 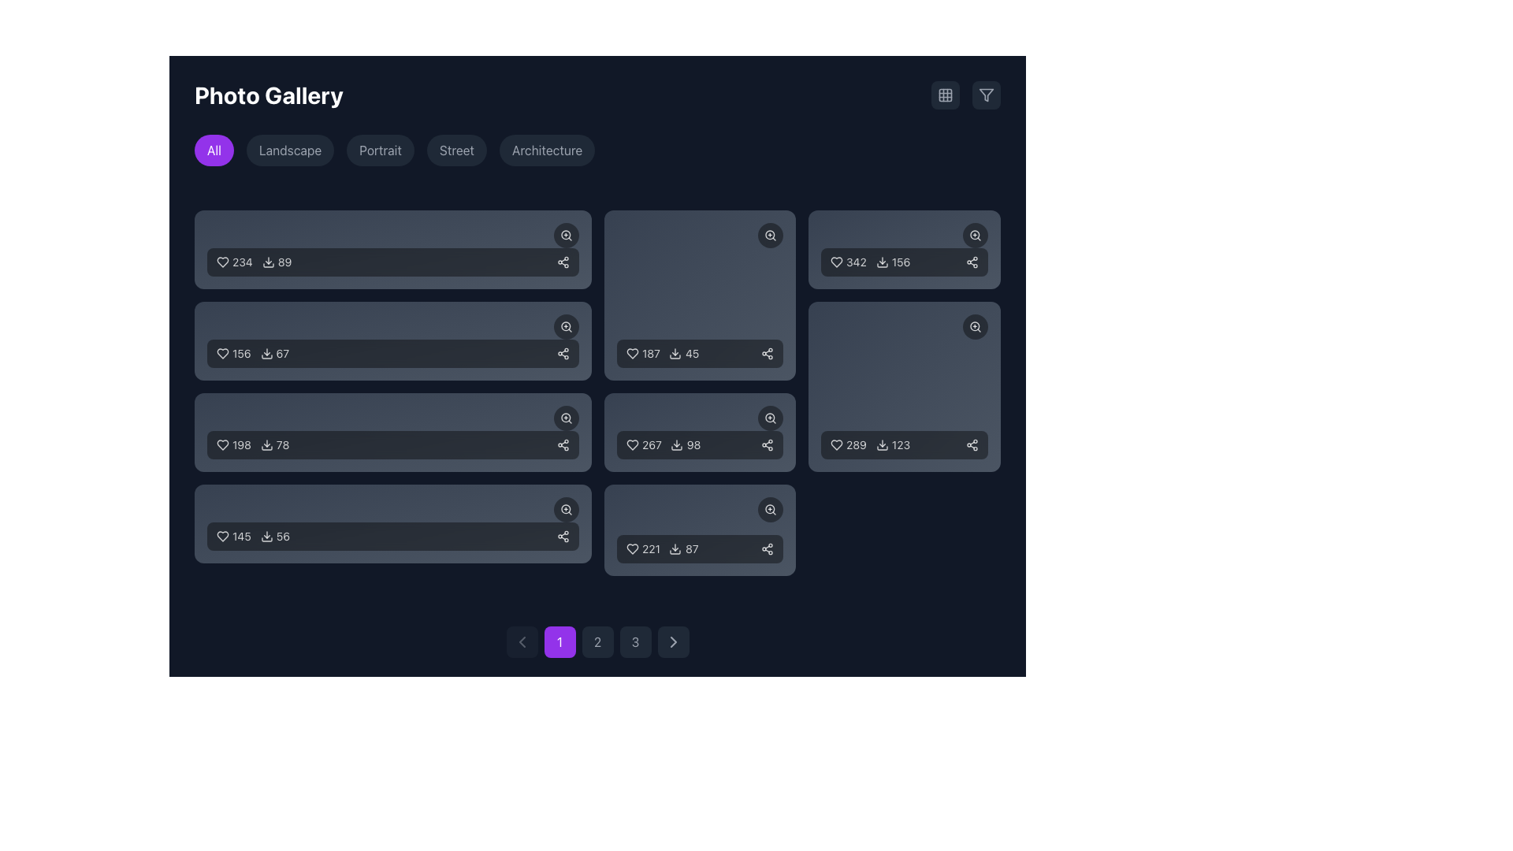 What do you see at coordinates (635, 641) in the screenshot?
I see `the circular button with a dark gray background displaying the number '3' in light gray text` at bounding box center [635, 641].